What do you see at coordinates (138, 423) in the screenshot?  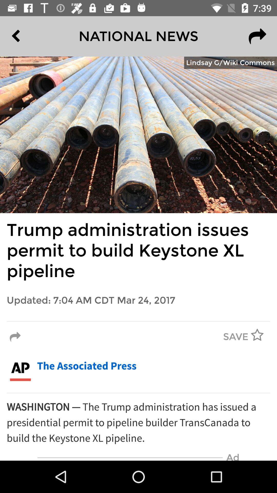 I see `item above ad` at bounding box center [138, 423].